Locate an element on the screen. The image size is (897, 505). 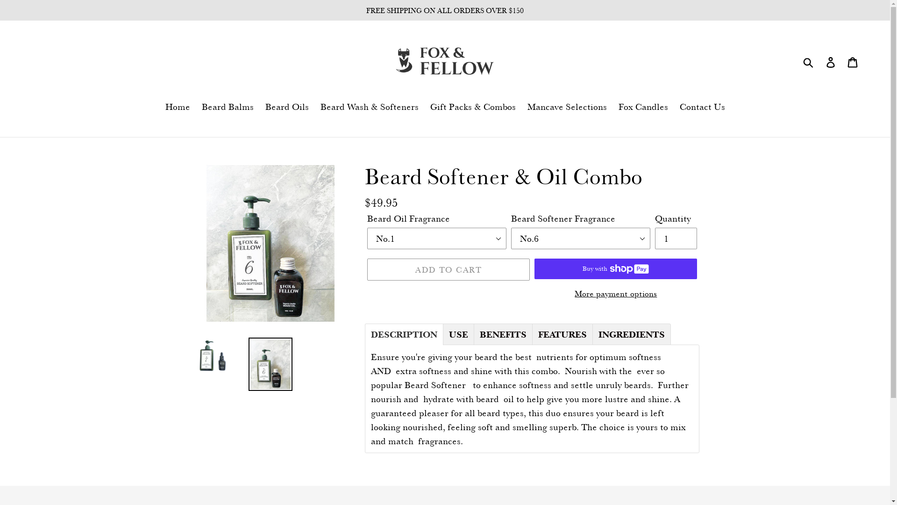
'Gift Packs & Combos' is located at coordinates (472, 107).